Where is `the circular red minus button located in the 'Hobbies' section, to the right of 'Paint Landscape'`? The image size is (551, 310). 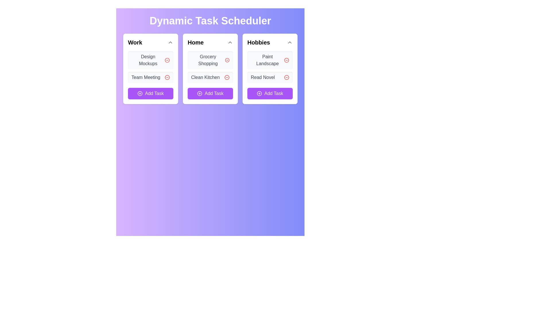 the circular red minus button located in the 'Hobbies' section, to the right of 'Paint Landscape' is located at coordinates (286, 60).